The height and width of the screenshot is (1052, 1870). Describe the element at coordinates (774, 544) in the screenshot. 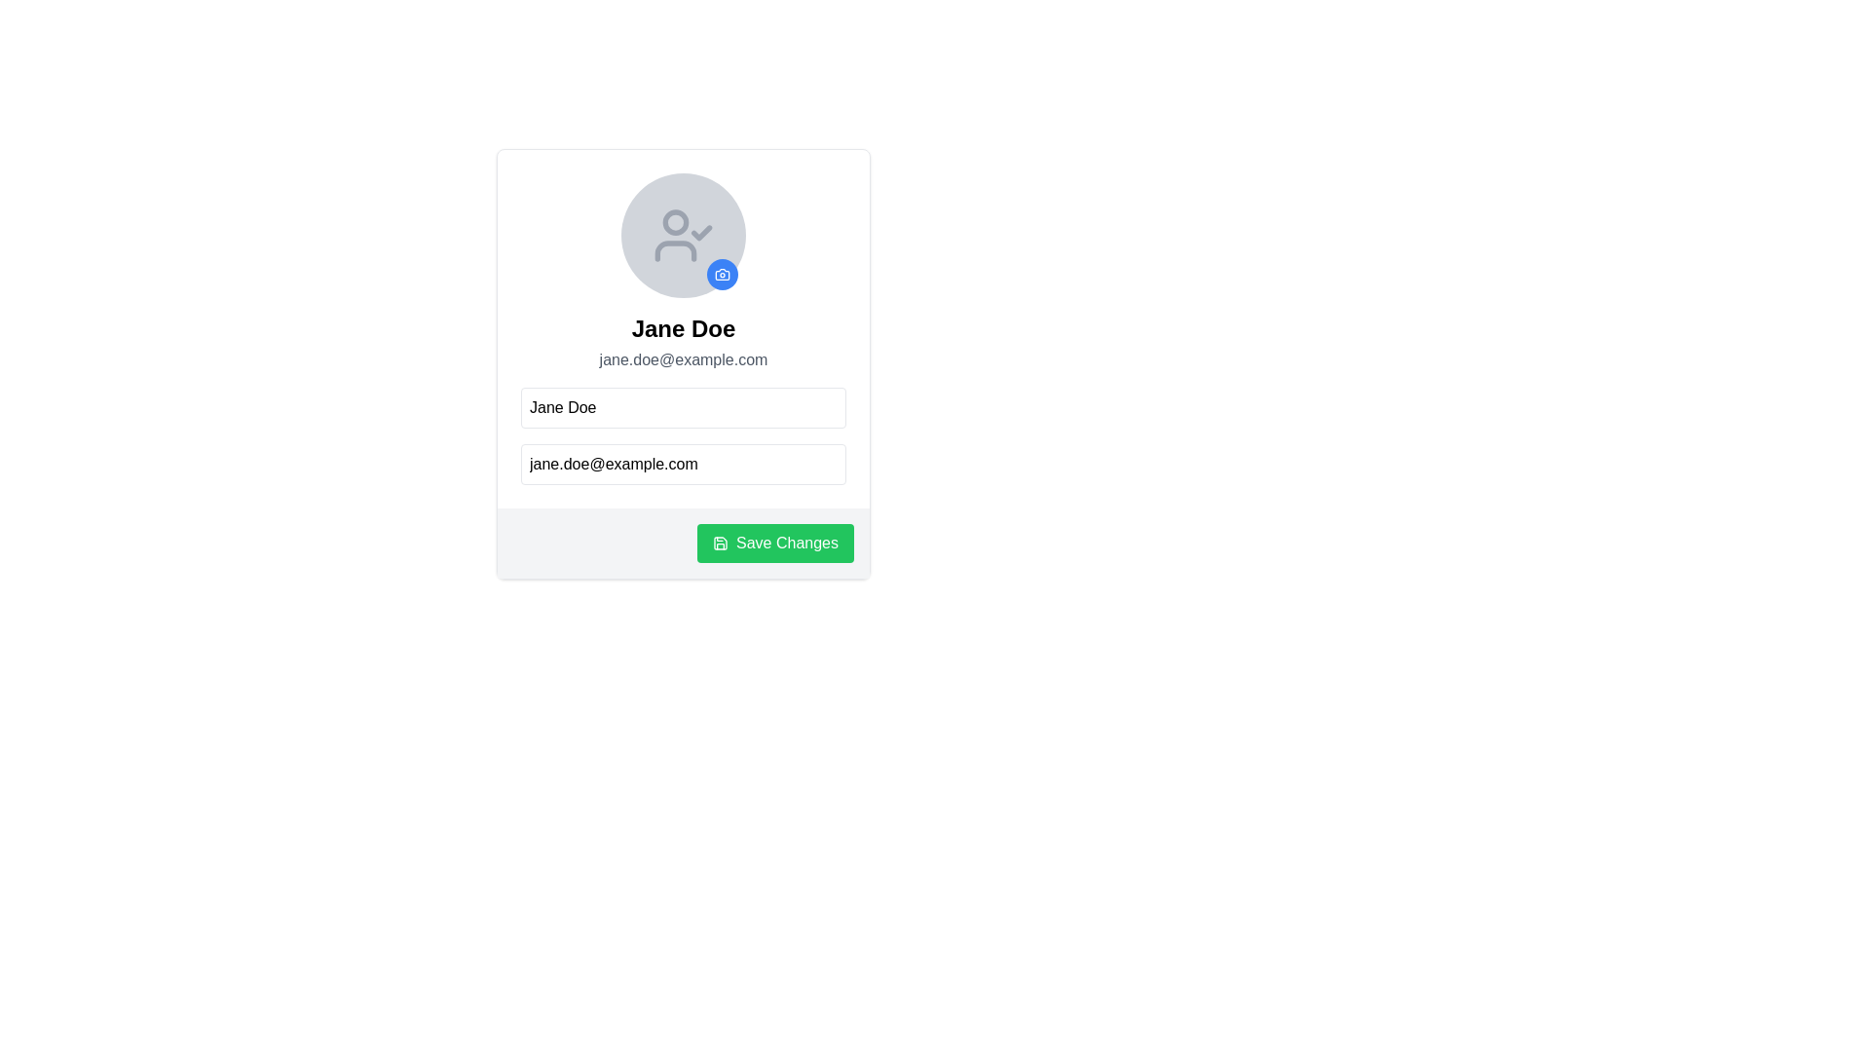

I see `the 'Save Changes' button with a green background and white text, which is located at the bottom of the panel, to receive potential visual feedback` at that location.